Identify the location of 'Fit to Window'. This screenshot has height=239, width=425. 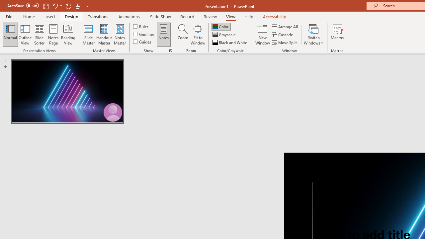
(198, 35).